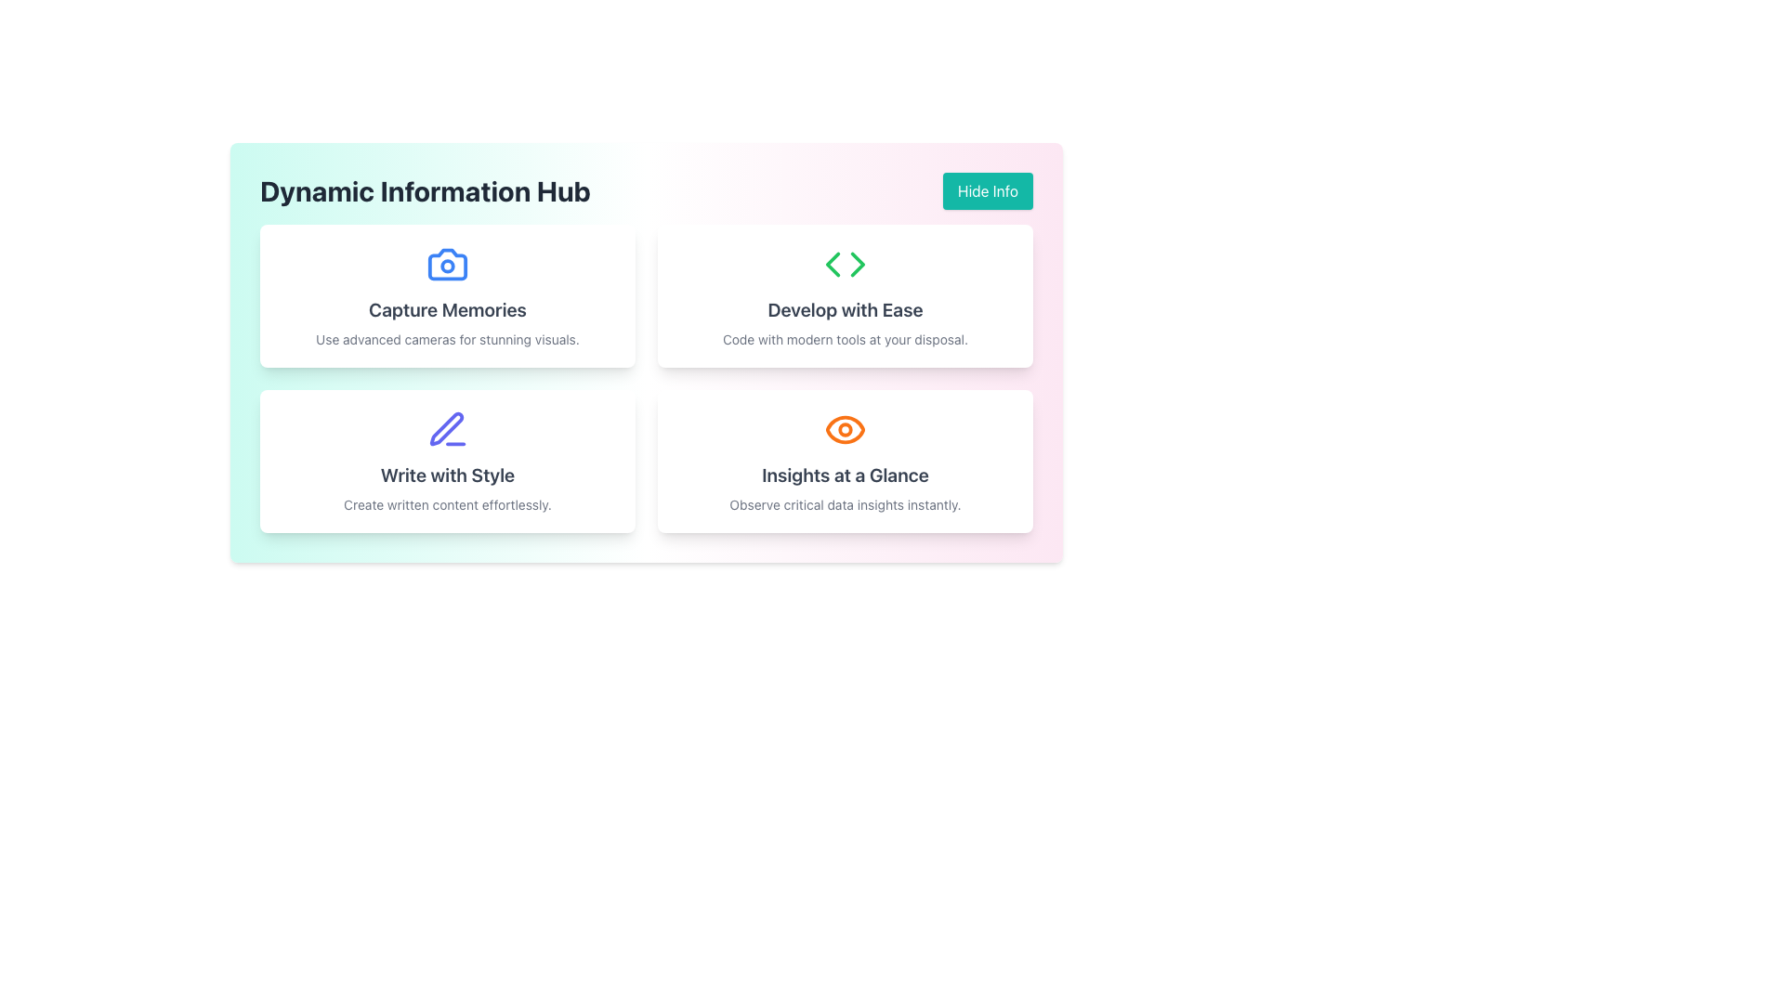 The image size is (1784, 1003). Describe the element at coordinates (447, 265) in the screenshot. I see `the circular dot graphic component located centrally within the camera icon of the 'Capture Memories' section` at that location.